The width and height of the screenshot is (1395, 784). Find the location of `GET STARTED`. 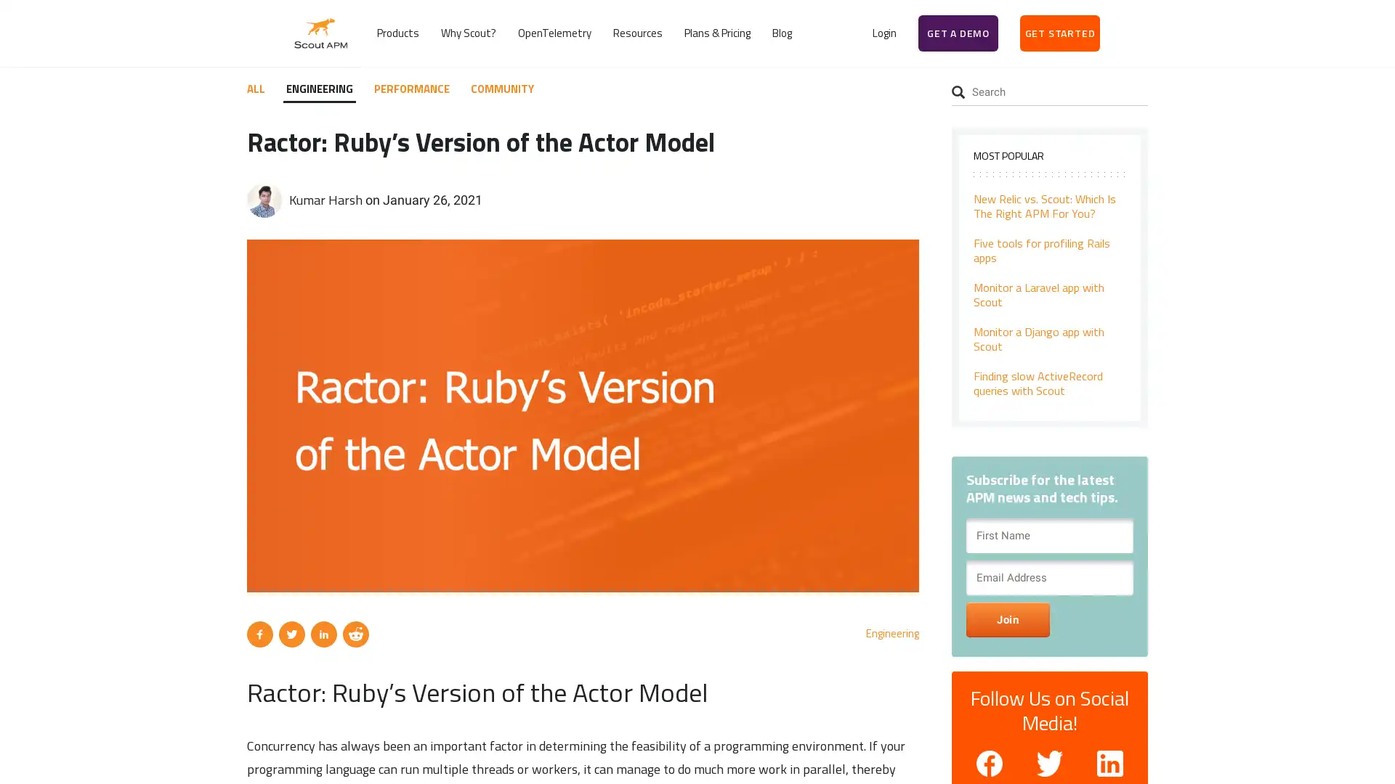

GET STARTED is located at coordinates (1060, 33).